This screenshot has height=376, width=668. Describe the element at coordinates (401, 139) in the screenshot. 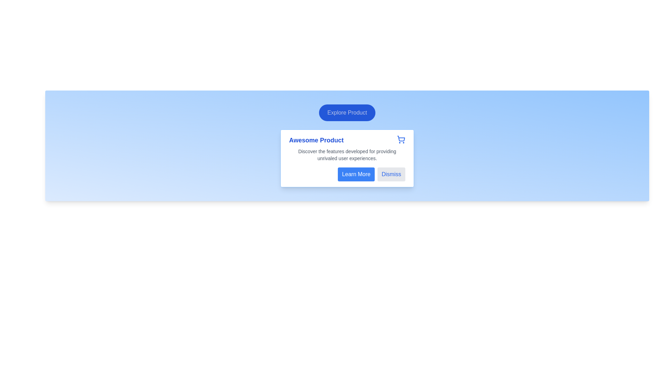

I see `the shopping cart icon represented by a blue outlined SVG vector graphic located in the upper-right corner of the white card with the title 'Awesome Product'` at that location.